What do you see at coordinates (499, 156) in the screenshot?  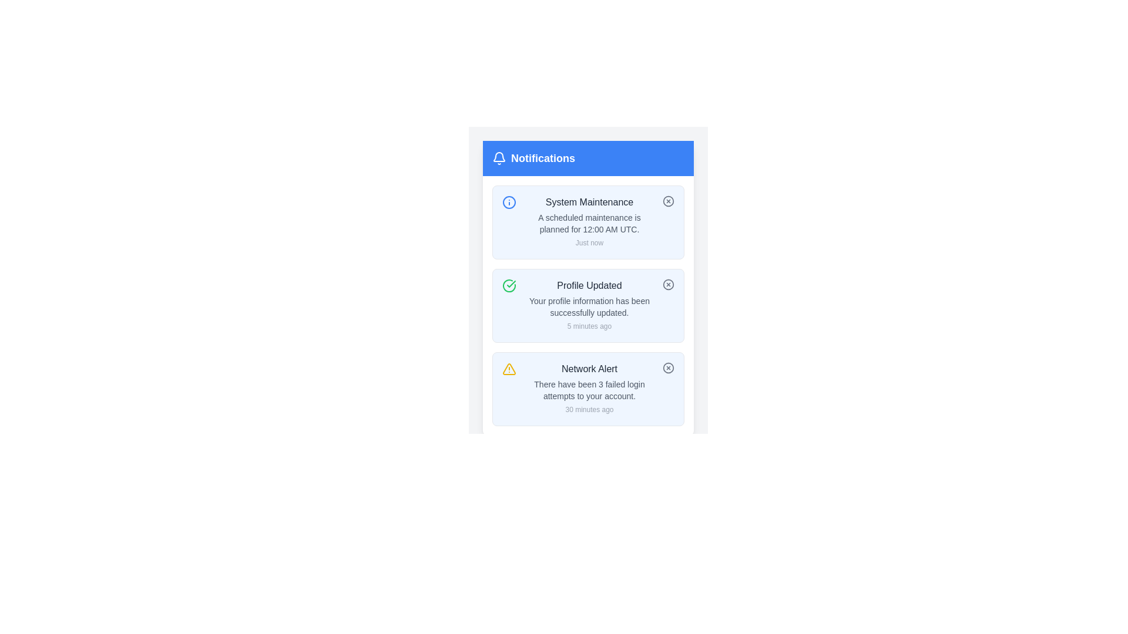 I see `the bell icon designed to symbolize notifications, which is located in the notification header section at the top bar` at bounding box center [499, 156].